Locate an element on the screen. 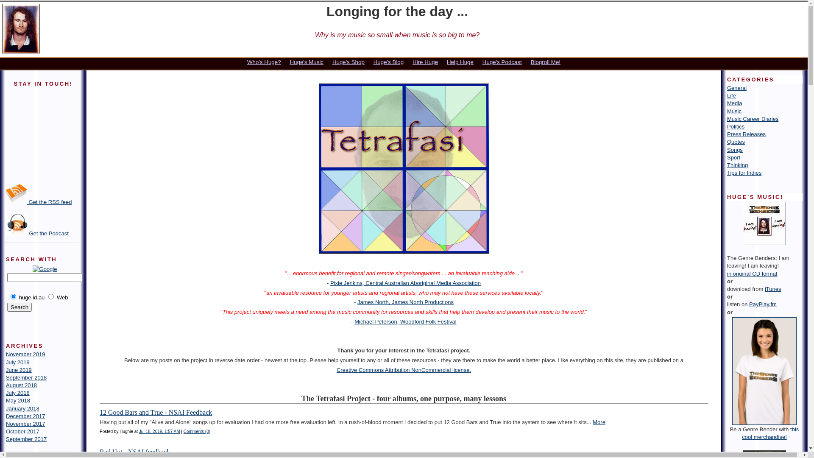 This screenshot has width=814, height=458. 'May 2018' is located at coordinates (6, 400).